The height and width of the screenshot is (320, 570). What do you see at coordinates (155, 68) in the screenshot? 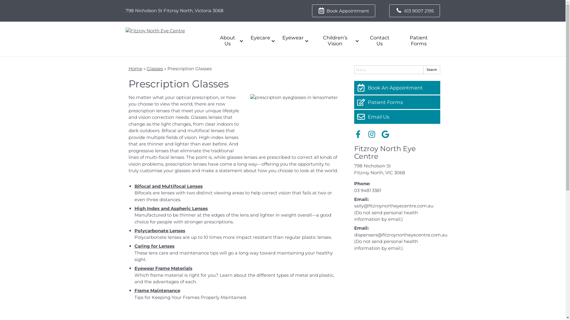
I see `'Glasses'` at bounding box center [155, 68].